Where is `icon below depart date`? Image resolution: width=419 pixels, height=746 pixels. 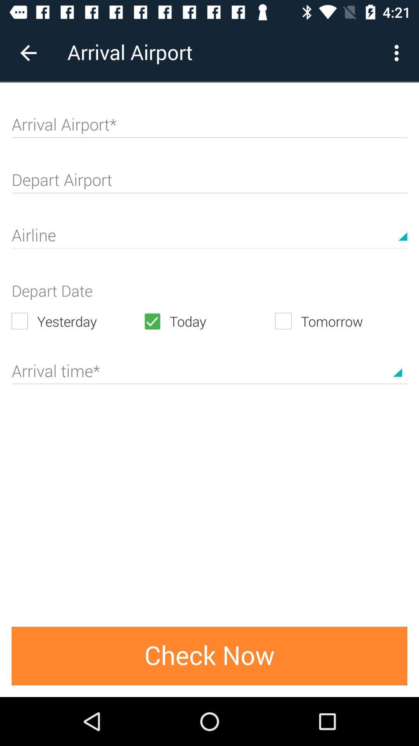 icon below depart date is located at coordinates (77, 321).